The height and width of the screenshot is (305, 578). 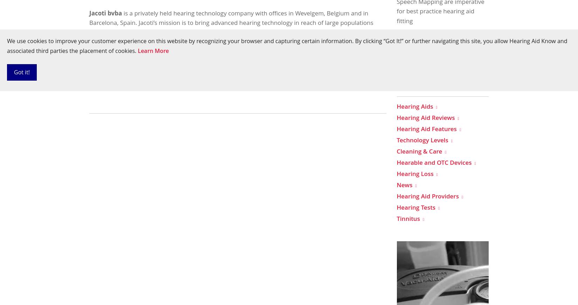 What do you see at coordinates (338, 12) in the screenshot?
I see `'Belgium'` at bounding box center [338, 12].